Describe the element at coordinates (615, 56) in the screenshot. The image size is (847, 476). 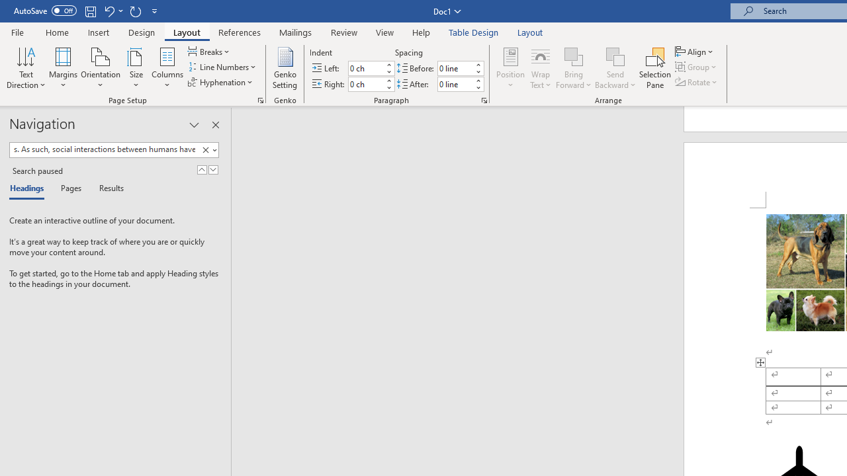
I see `'Send Backward'` at that location.